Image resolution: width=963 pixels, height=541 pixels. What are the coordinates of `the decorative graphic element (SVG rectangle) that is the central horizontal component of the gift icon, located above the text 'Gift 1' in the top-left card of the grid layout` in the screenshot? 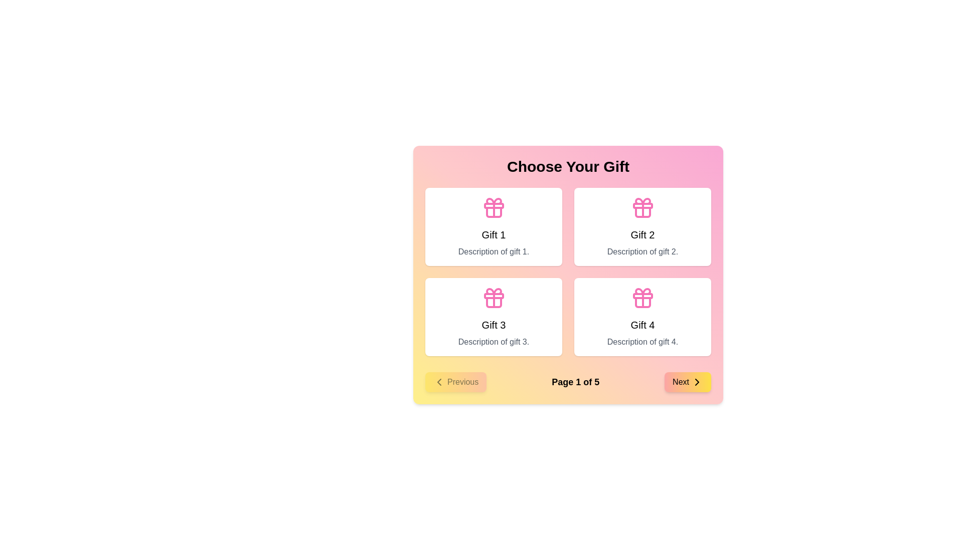 It's located at (494, 295).